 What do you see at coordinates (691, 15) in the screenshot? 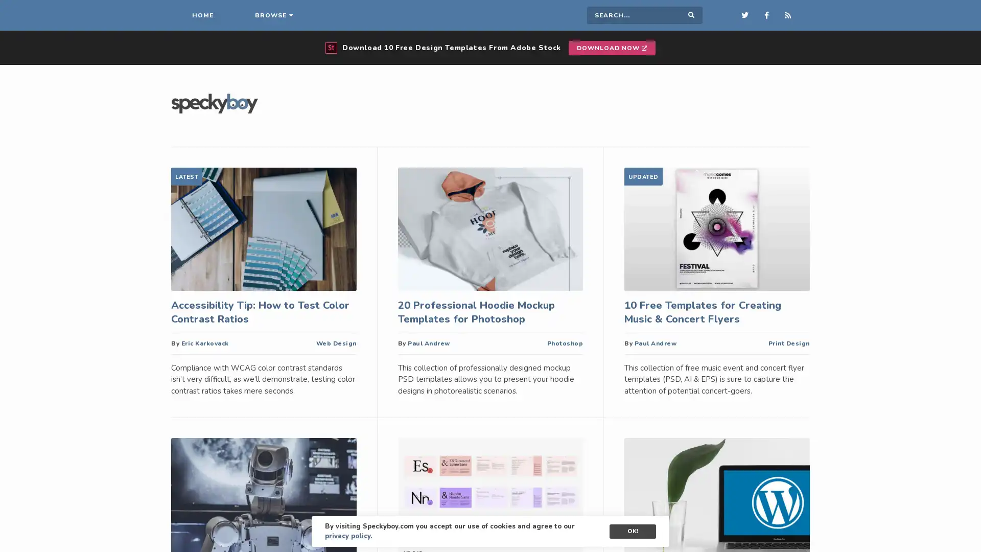
I see `Search` at bounding box center [691, 15].